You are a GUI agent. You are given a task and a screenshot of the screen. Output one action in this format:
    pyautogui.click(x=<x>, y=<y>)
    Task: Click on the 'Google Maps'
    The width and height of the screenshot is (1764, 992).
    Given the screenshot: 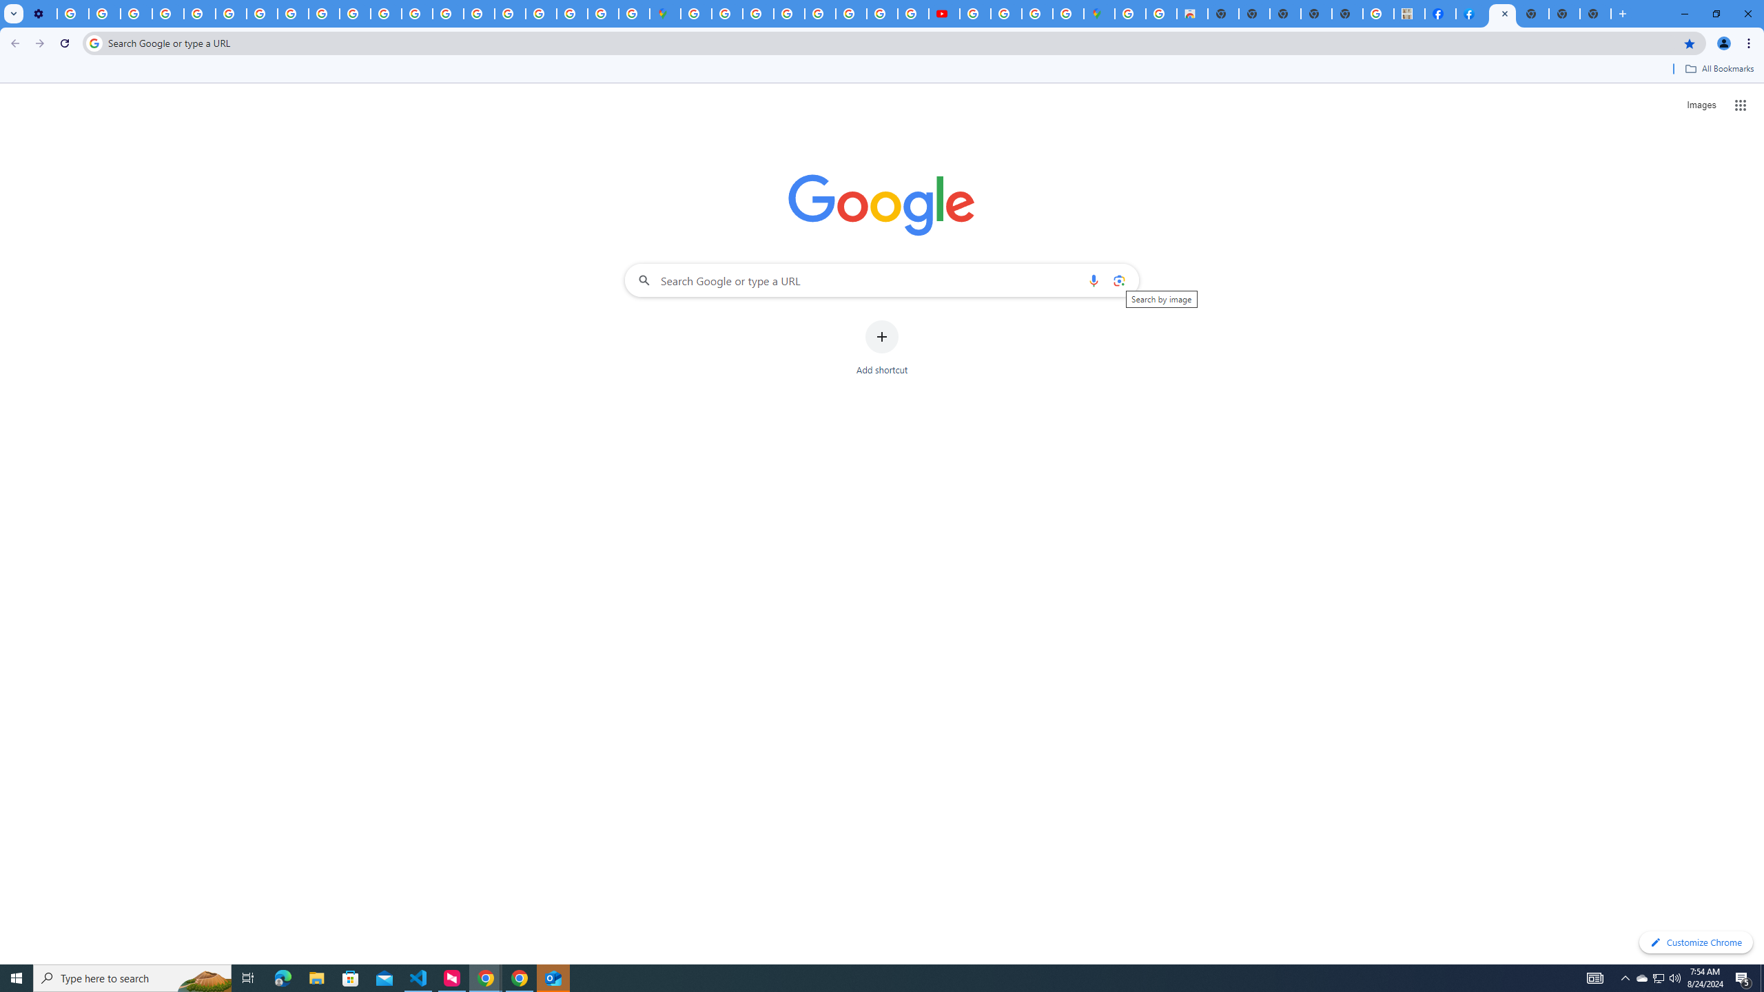 What is the action you would take?
    pyautogui.click(x=1099, y=13)
    